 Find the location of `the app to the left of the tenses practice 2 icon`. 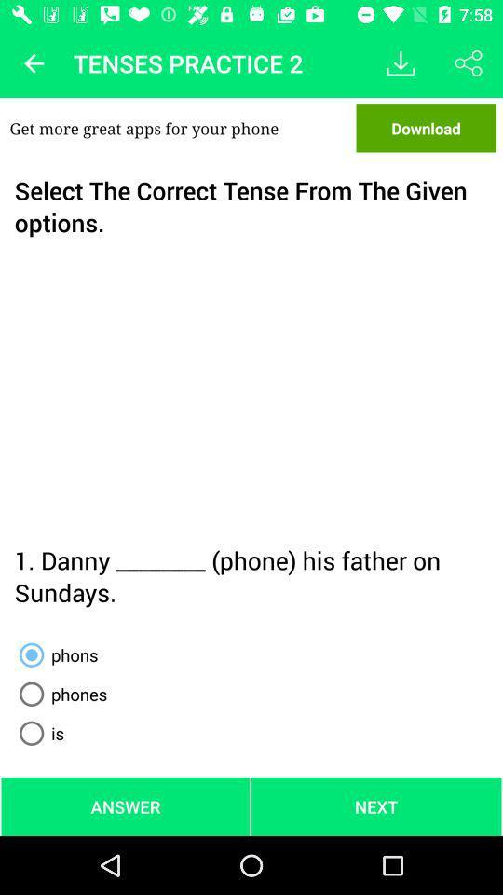

the app to the left of the tenses practice 2 icon is located at coordinates (34, 63).